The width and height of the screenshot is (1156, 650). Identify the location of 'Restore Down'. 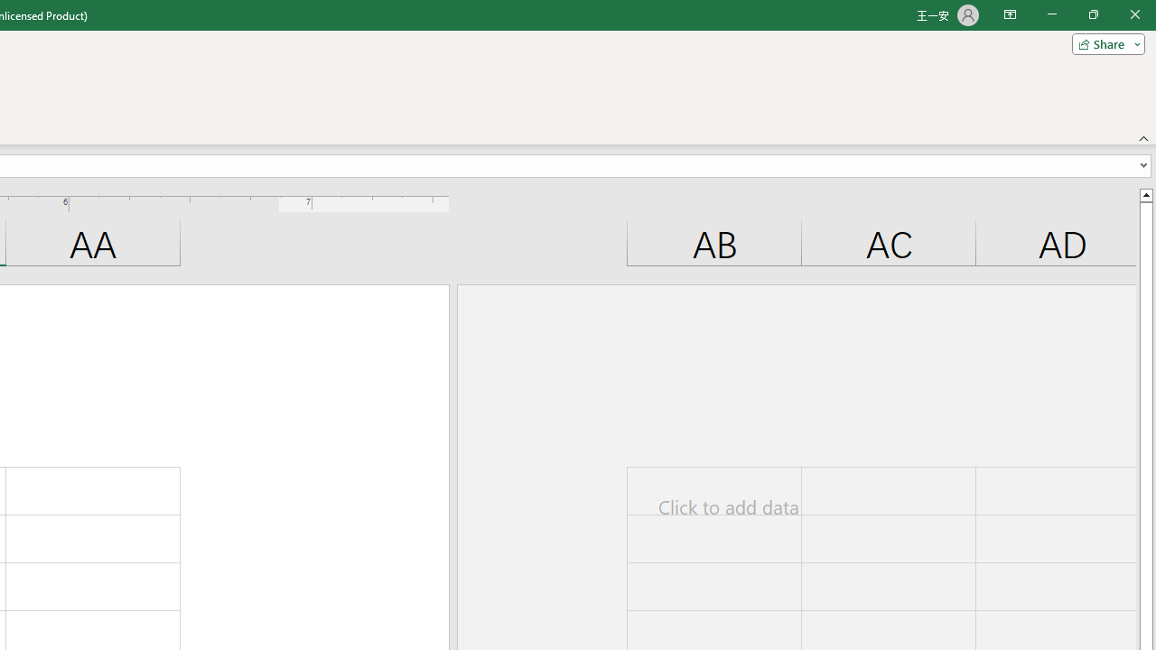
(1092, 14).